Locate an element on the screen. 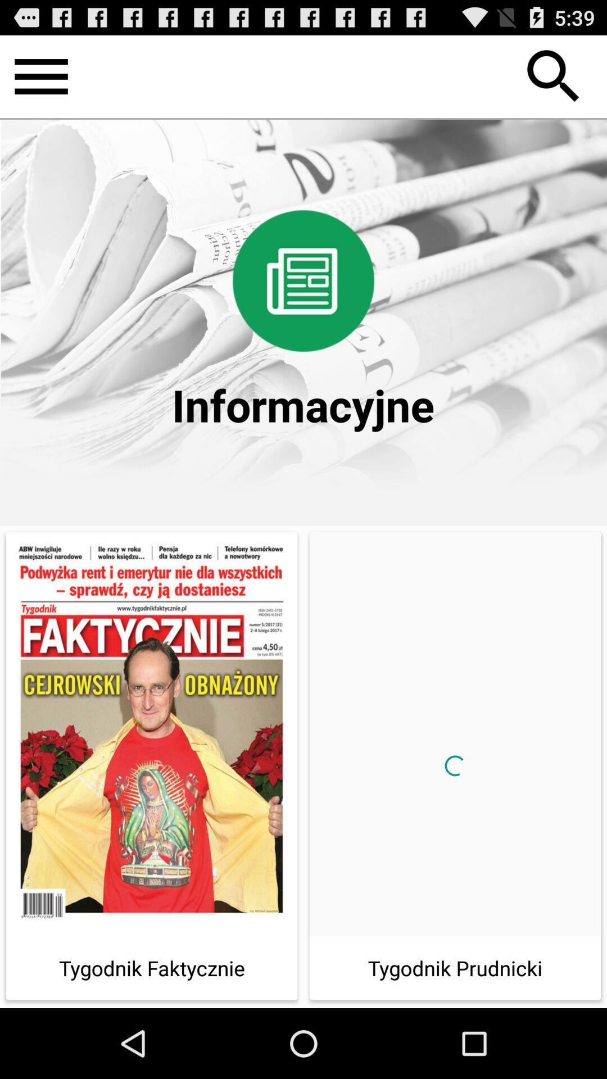 The height and width of the screenshot is (1079, 607). menu is located at coordinates (40, 76).